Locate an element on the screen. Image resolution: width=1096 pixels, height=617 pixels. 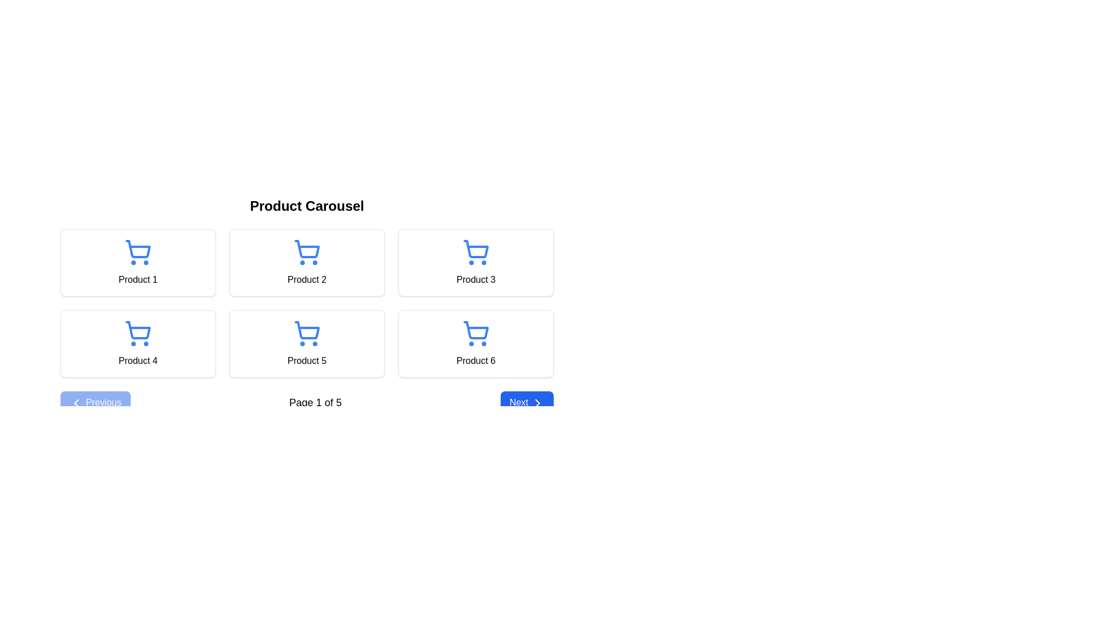
the blue cart icon located within the card labeled 'Product 6' at the bottom-right corner of the 2x3 grid layout is located at coordinates (476, 333).